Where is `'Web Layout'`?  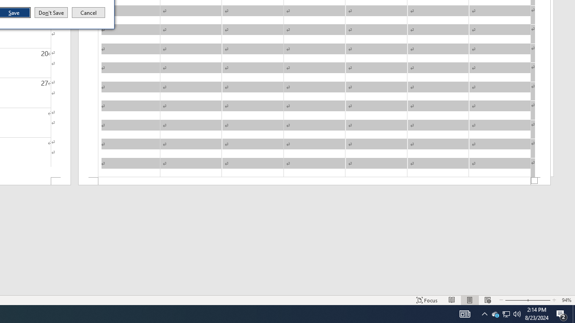 'Web Layout' is located at coordinates (487, 300).